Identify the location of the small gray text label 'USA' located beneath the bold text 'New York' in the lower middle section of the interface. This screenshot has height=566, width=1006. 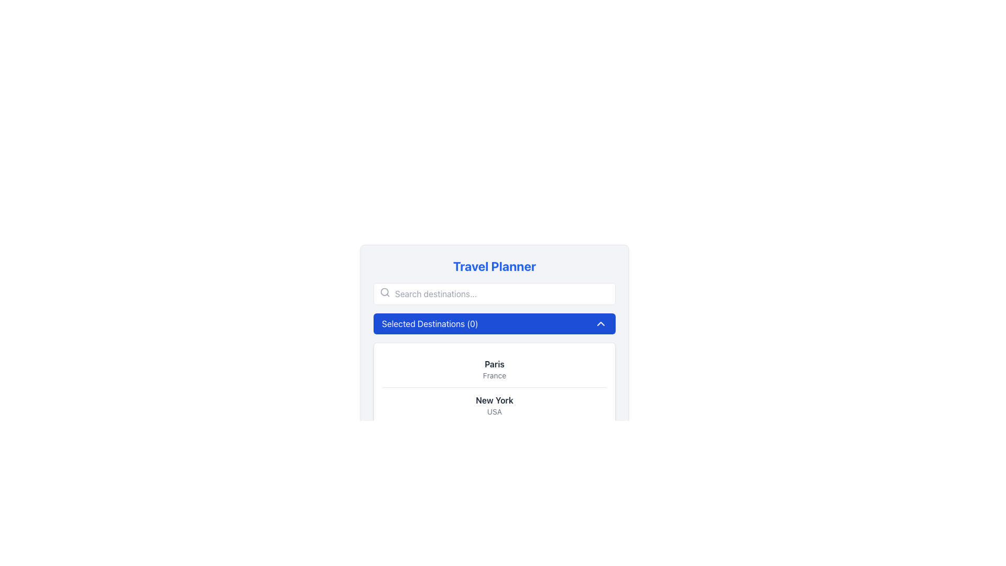
(494, 411).